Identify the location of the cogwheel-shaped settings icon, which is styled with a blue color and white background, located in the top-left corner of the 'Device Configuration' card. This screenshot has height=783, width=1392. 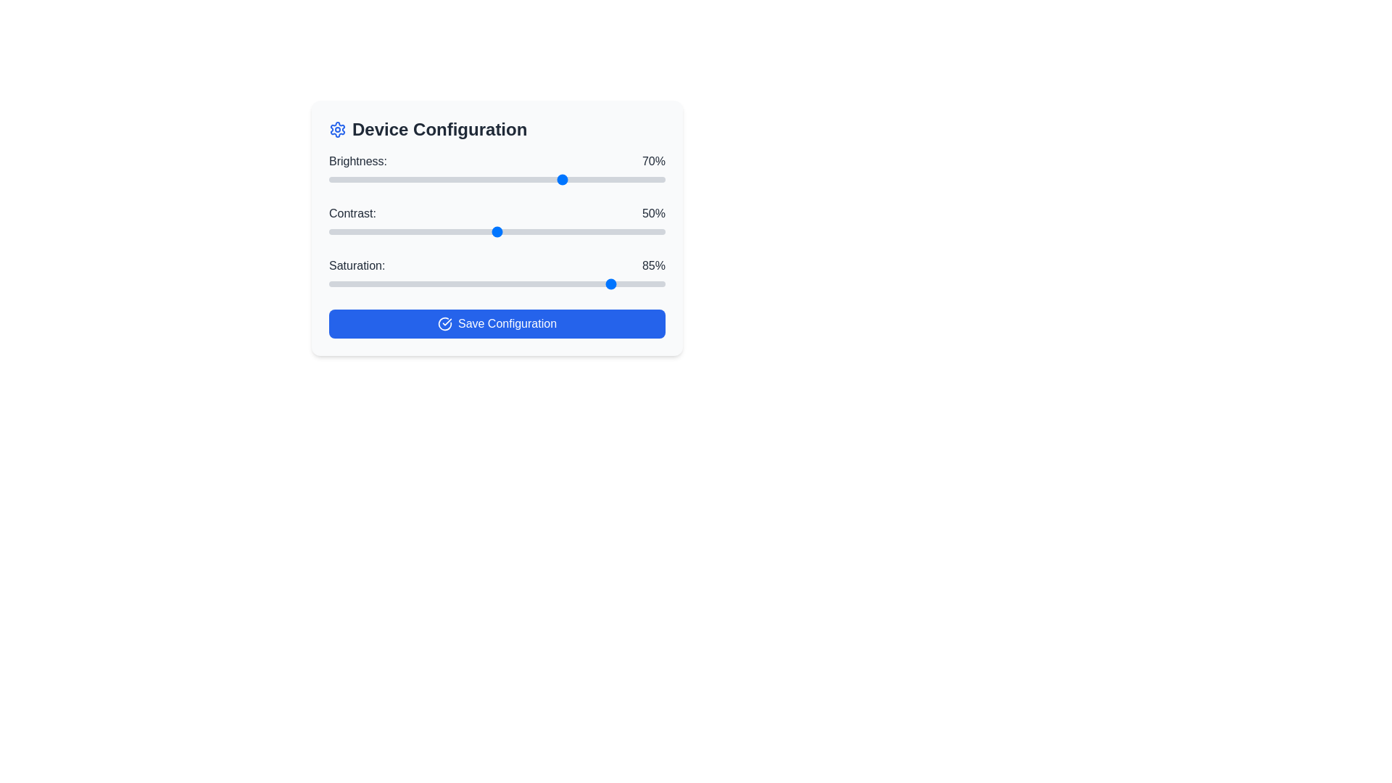
(336, 128).